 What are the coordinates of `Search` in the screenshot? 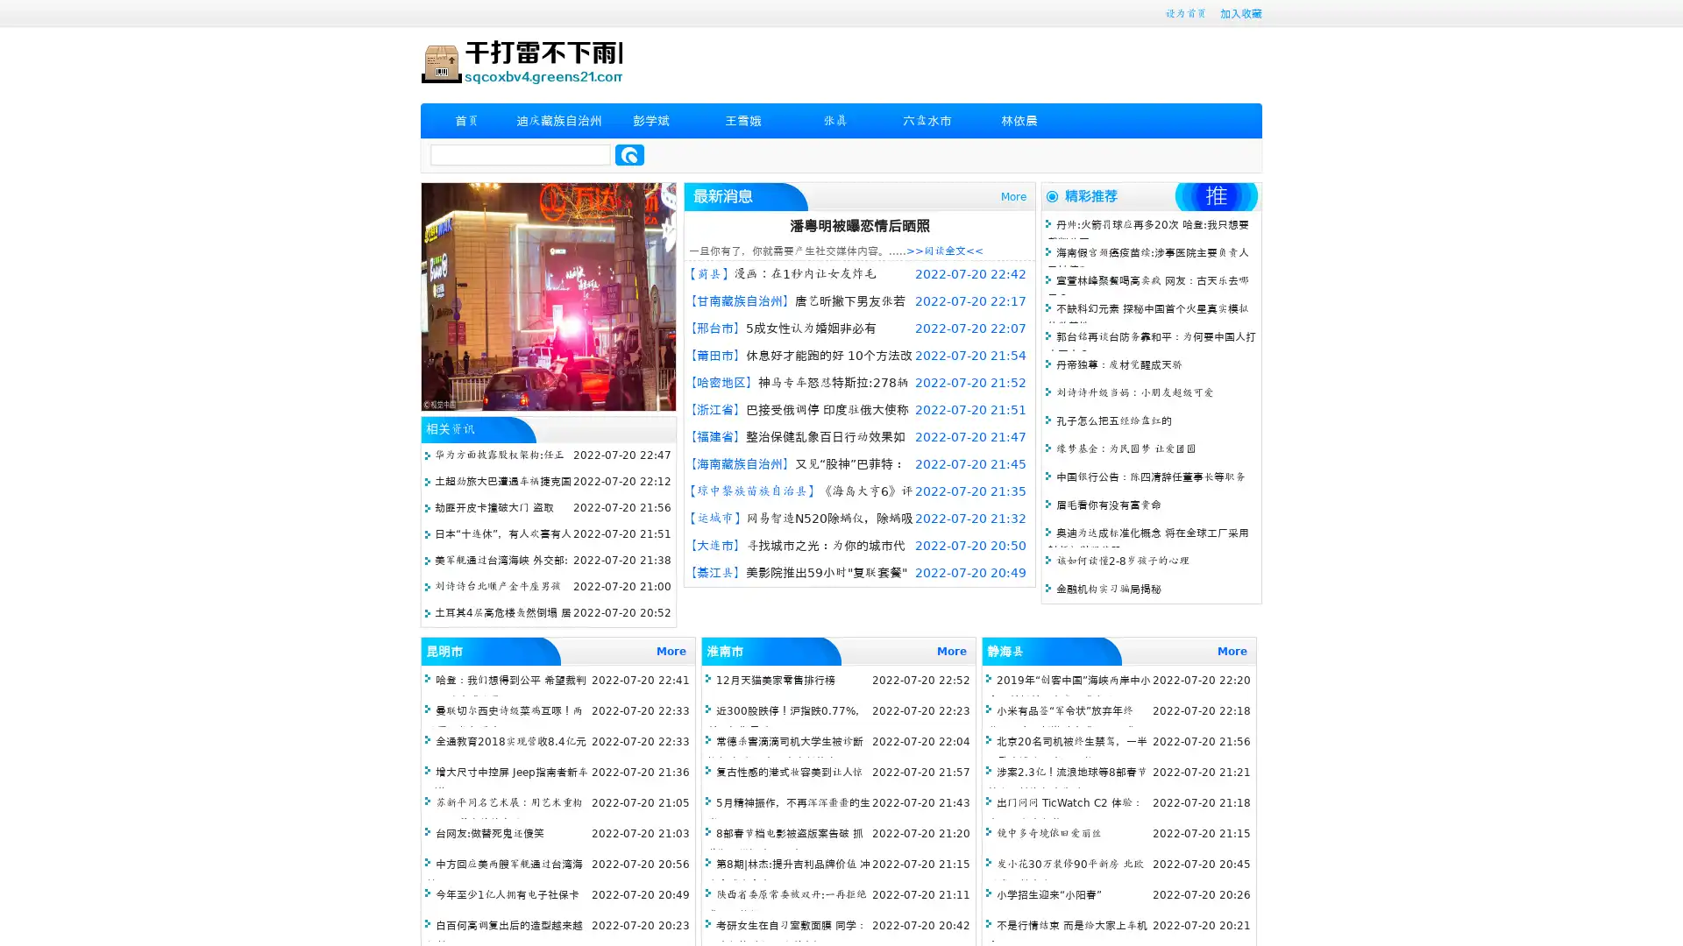 It's located at (629, 154).